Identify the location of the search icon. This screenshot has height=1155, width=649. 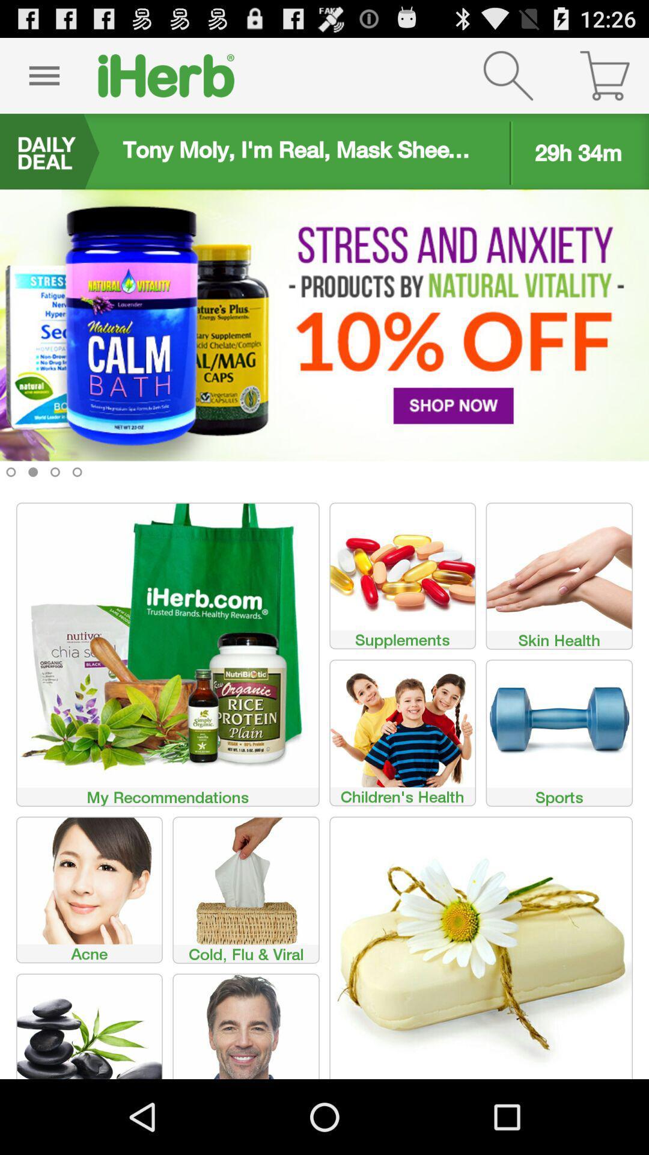
(508, 80).